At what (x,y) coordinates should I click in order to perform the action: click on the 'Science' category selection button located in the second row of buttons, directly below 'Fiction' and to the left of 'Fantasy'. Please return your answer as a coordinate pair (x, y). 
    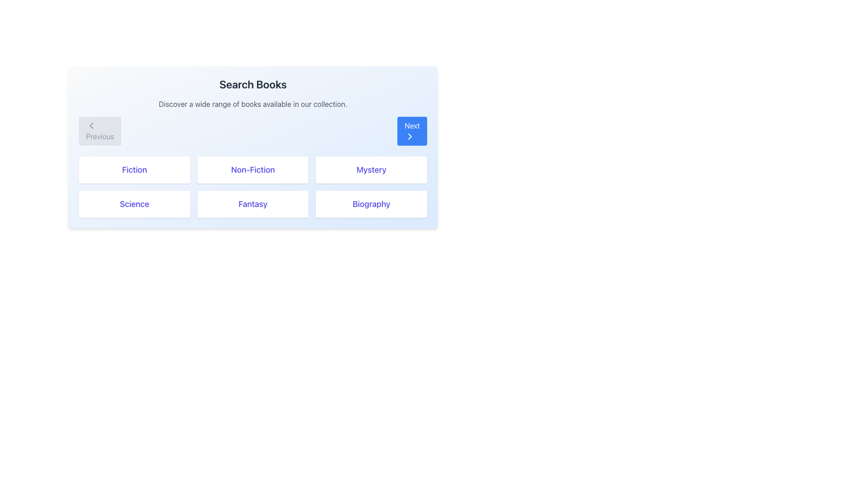
    Looking at the image, I should click on (134, 204).